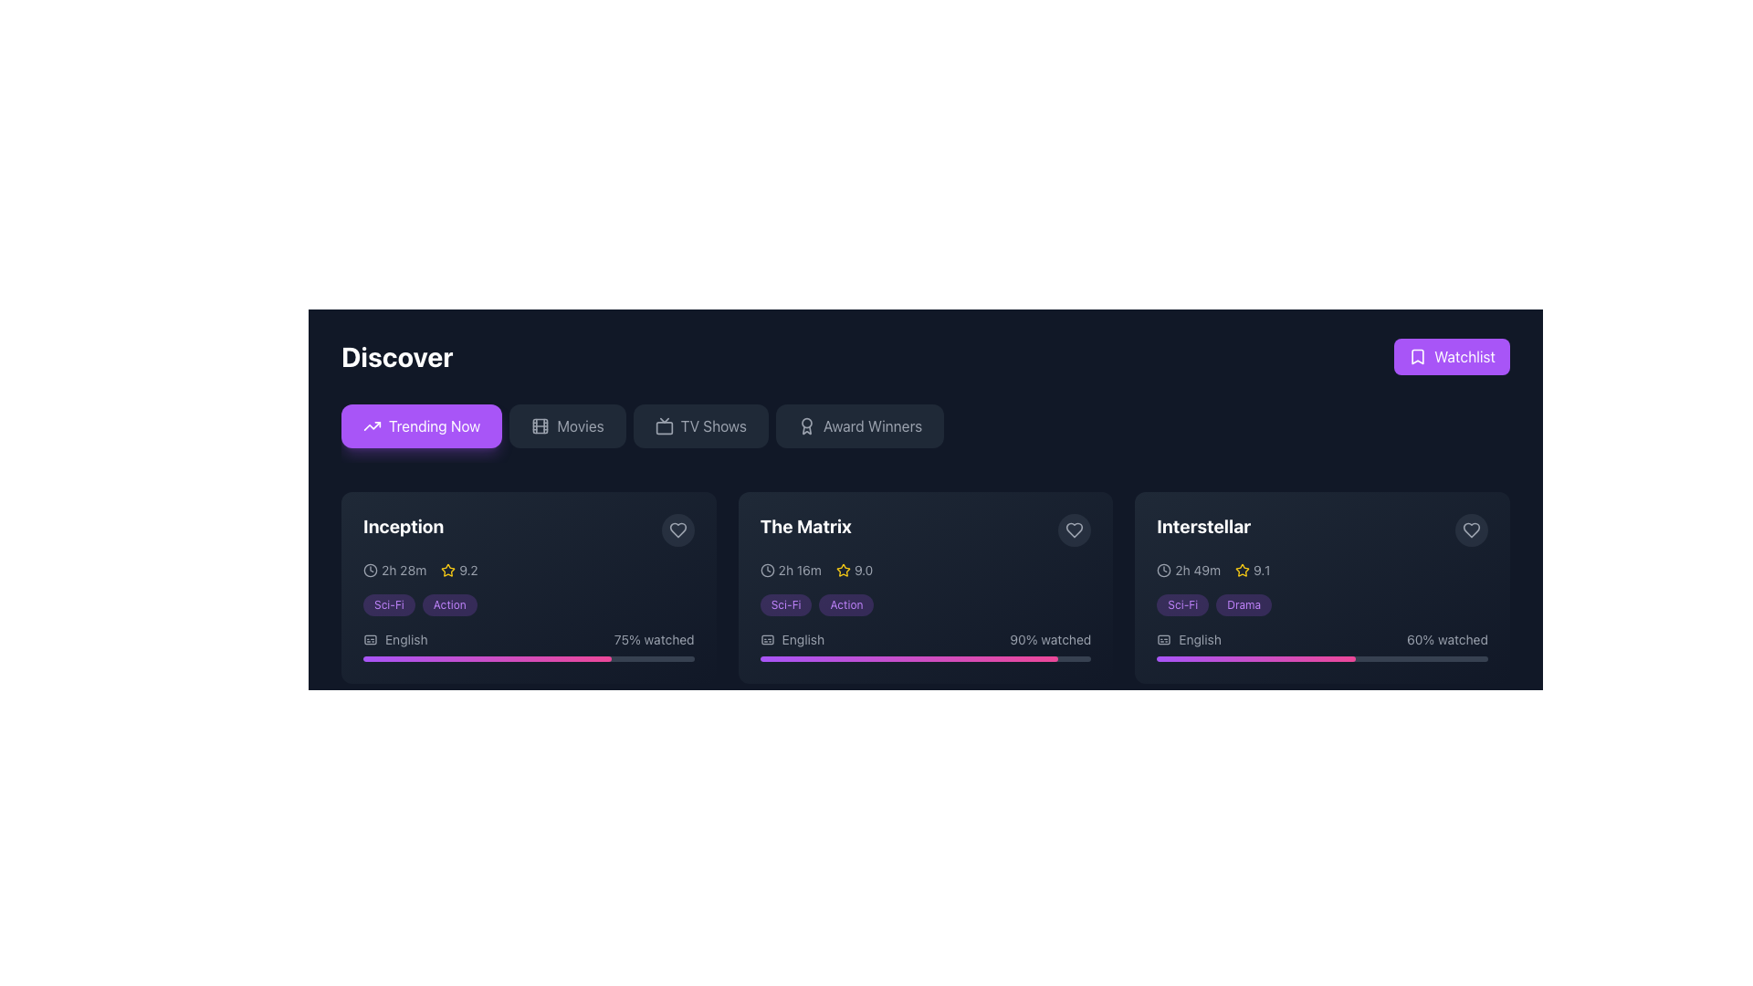 The image size is (1753, 986). What do you see at coordinates (528, 645) in the screenshot?
I see `the progress bar of the Combined information and progress display for the movie 'Inception'` at bounding box center [528, 645].